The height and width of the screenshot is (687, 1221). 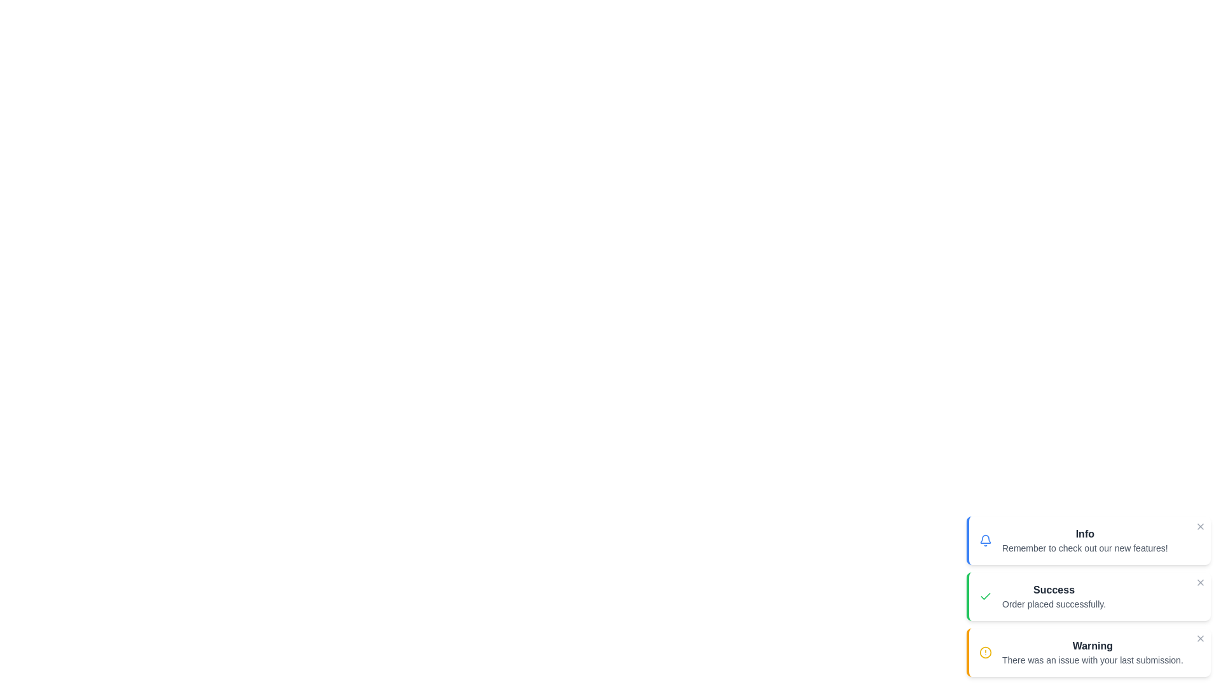 What do you see at coordinates (1088, 653) in the screenshot?
I see `the notification with type warning` at bounding box center [1088, 653].